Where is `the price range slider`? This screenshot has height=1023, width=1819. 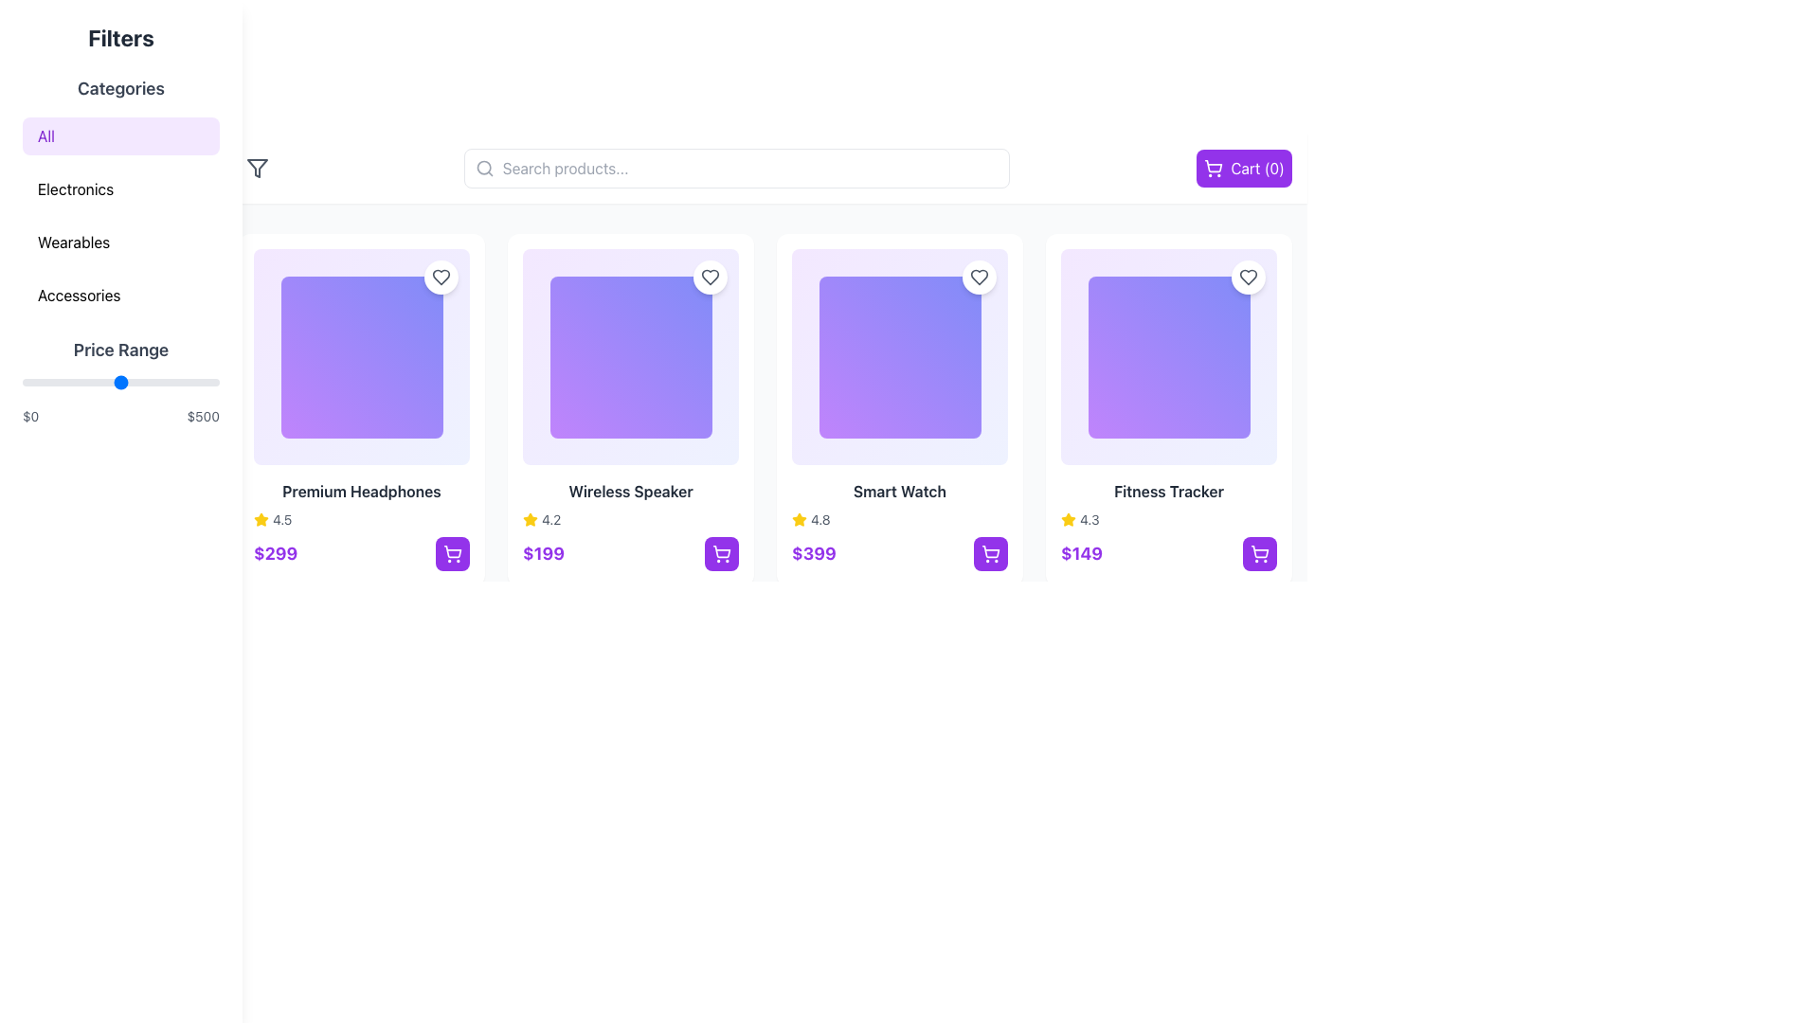
the price range slider is located at coordinates (95, 383).